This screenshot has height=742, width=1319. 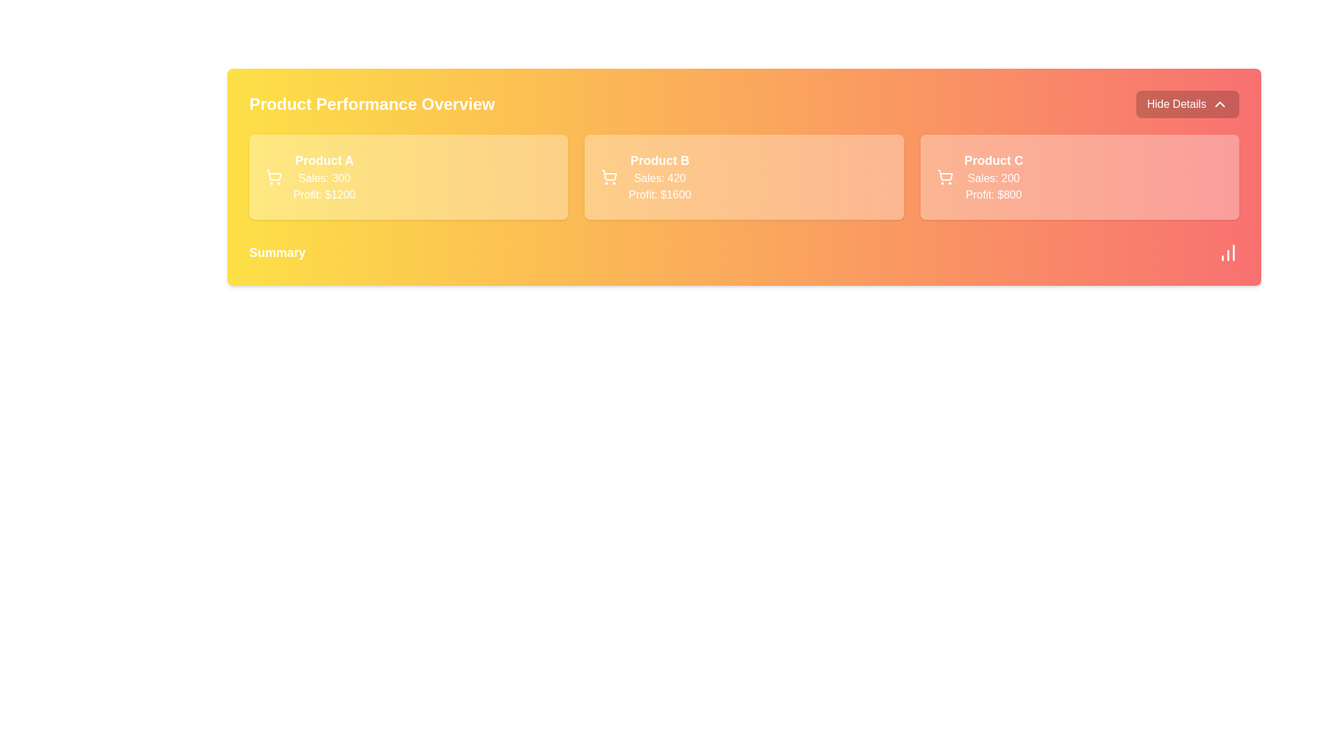 What do you see at coordinates (659, 177) in the screenshot?
I see `the text label element displaying 'Sales: 420' which is centrally aligned in the product information box for Product B` at bounding box center [659, 177].